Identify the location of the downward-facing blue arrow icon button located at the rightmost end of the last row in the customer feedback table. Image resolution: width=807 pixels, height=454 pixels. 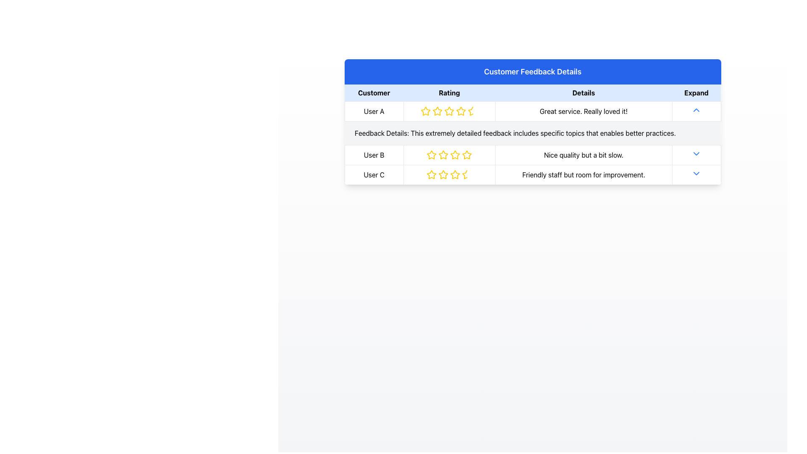
(696, 174).